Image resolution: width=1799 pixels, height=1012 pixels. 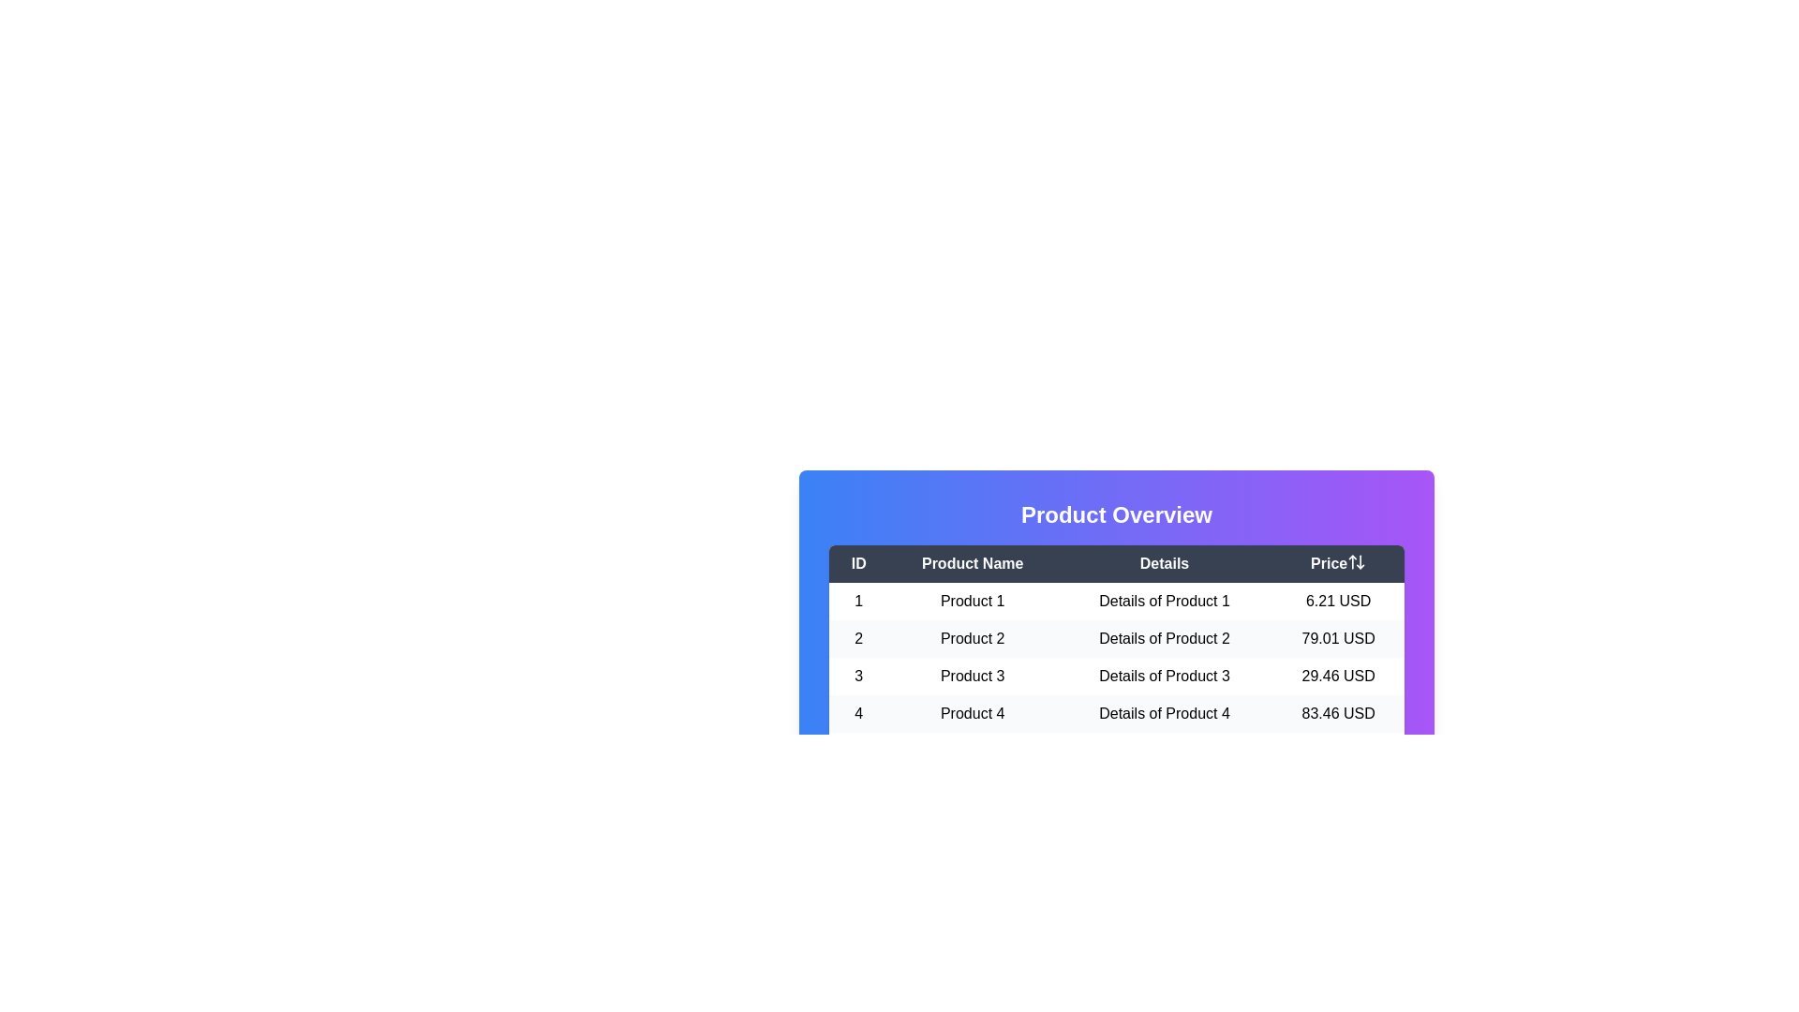 I want to click on the 'Price' column header to sort the table rows, so click(x=1337, y=562).